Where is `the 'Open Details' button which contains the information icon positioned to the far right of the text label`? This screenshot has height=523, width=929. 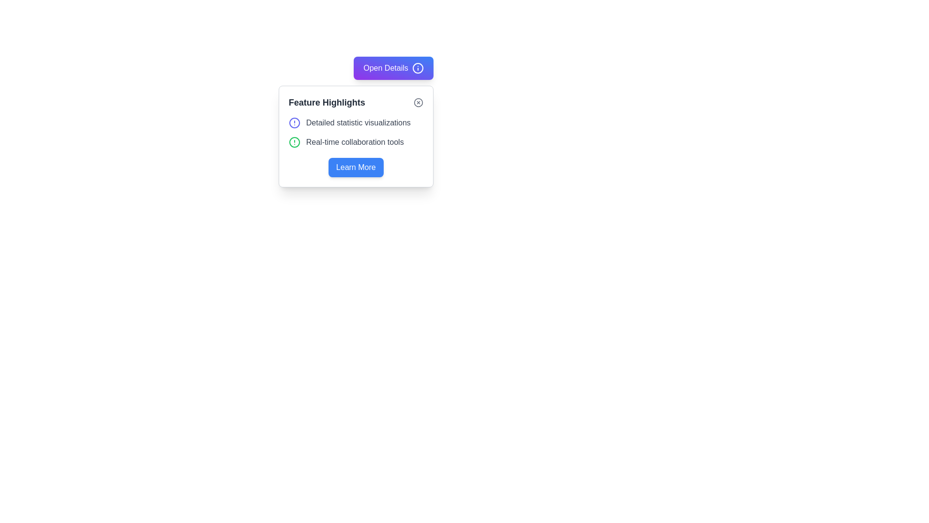 the 'Open Details' button which contains the information icon positioned to the far right of the text label is located at coordinates (418, 68).